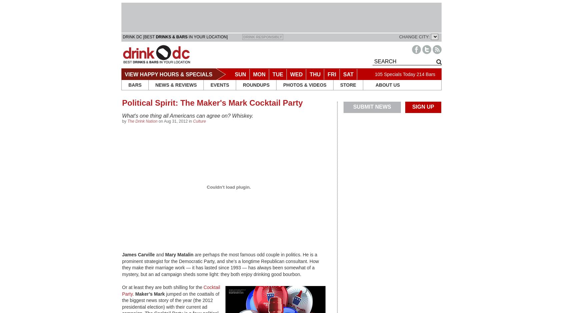  What do you see at coordinates (176, 85) in the screenshot?
I see `'NEWS & REVIEWS'` at bounding box center [176, 85].